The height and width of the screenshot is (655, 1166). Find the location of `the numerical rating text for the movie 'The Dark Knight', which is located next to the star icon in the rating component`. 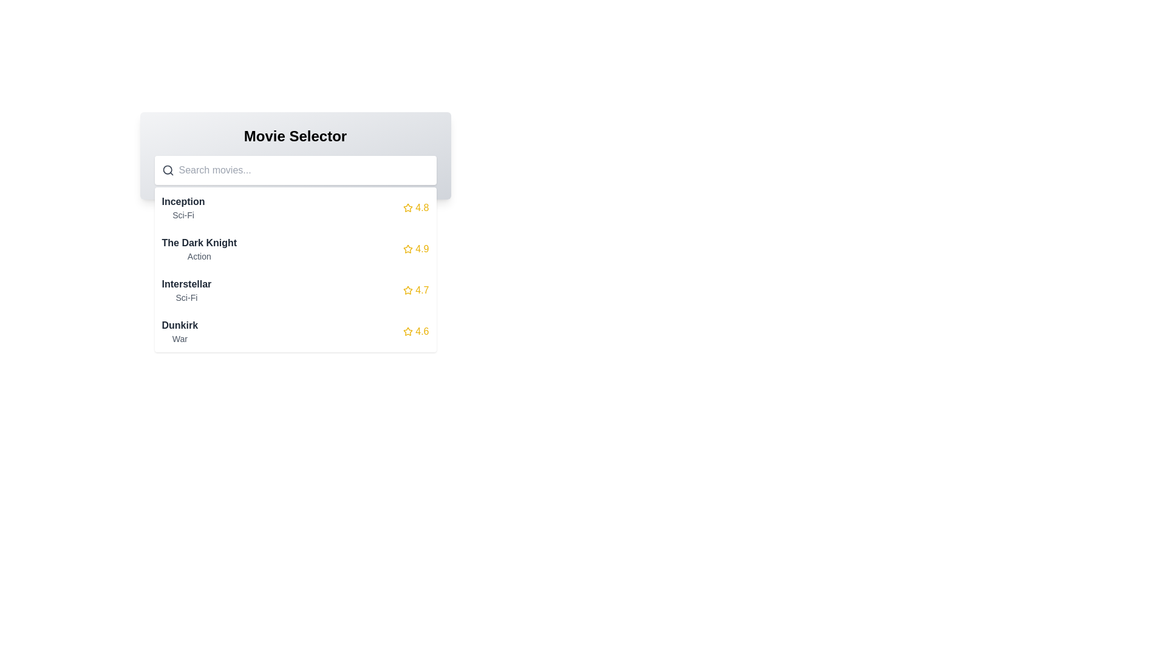

the numerical rating text for the movie 'The Dark Knight', which is located next to the star icon in the rating component is located at coordinates (422, 249).